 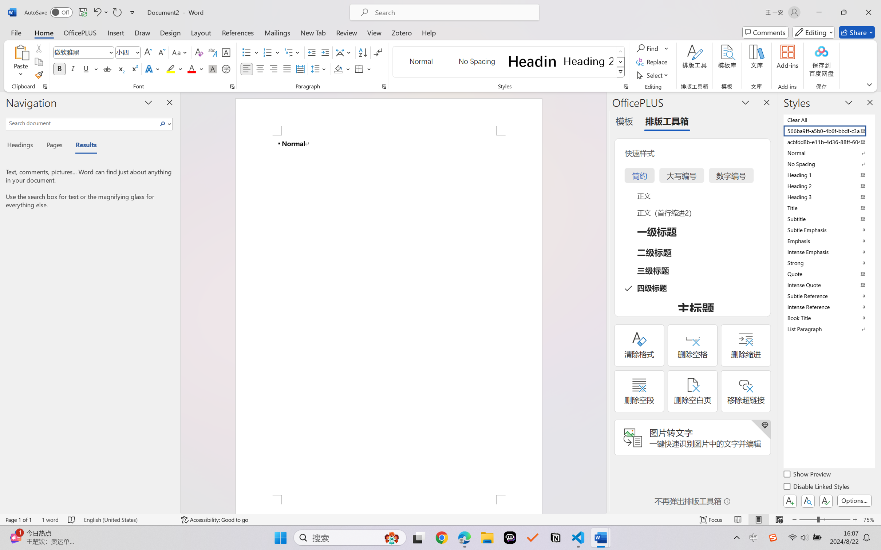 What do you see at coordinates (828, 219) in the screenshot?
I see `'Subtitle'` at bounding box center [828, 219].